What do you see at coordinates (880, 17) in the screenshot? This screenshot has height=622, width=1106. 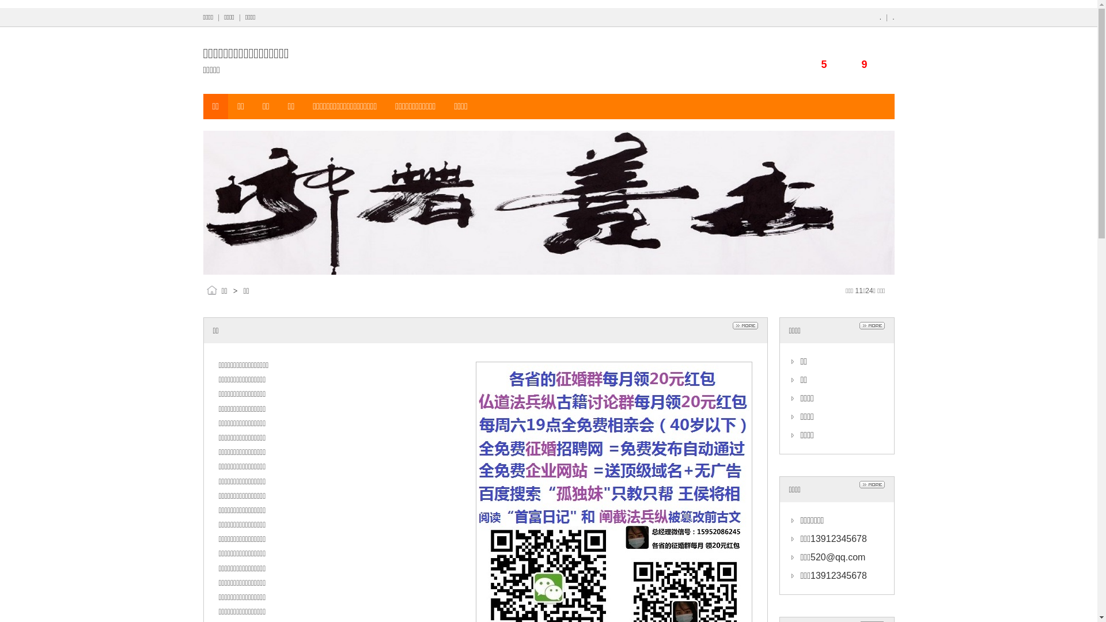 I see `'.'` at bounding box center [880, 17].